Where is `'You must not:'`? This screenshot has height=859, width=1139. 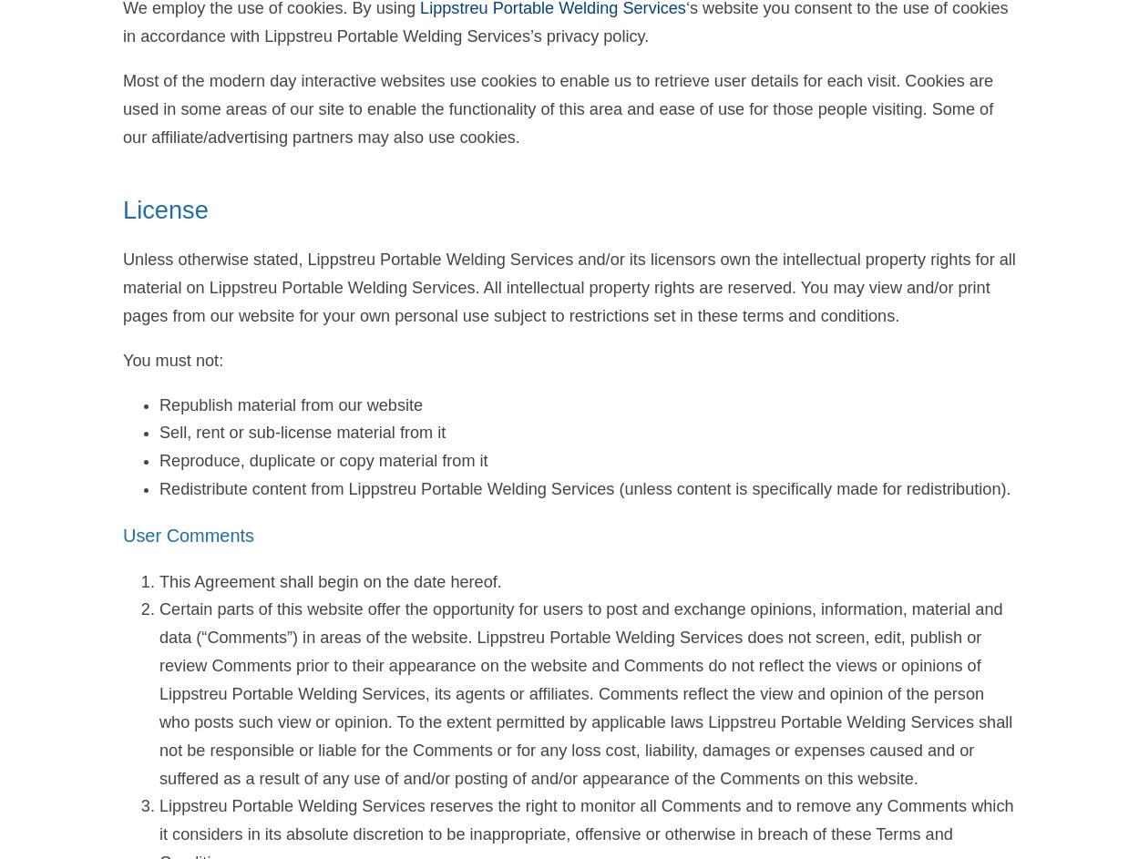
'You must not:' is located at coordinates (123, 359).